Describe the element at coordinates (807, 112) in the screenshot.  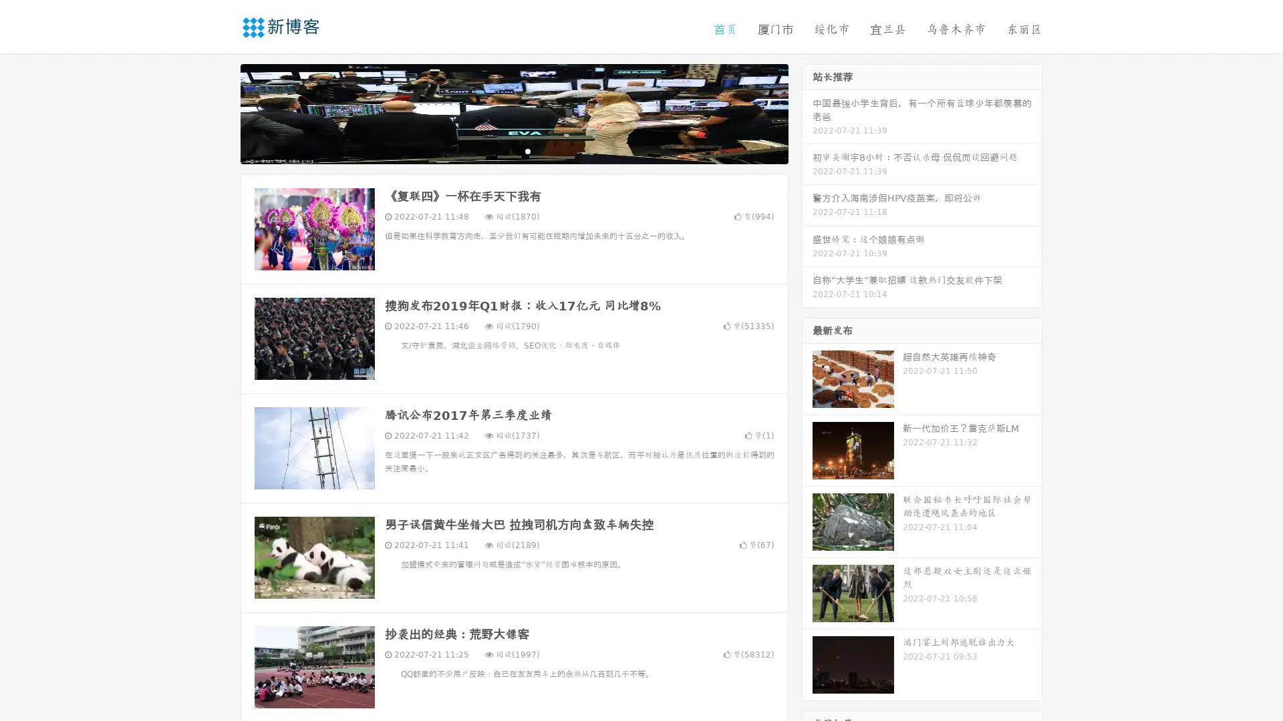
I see `Next slide` at that location.